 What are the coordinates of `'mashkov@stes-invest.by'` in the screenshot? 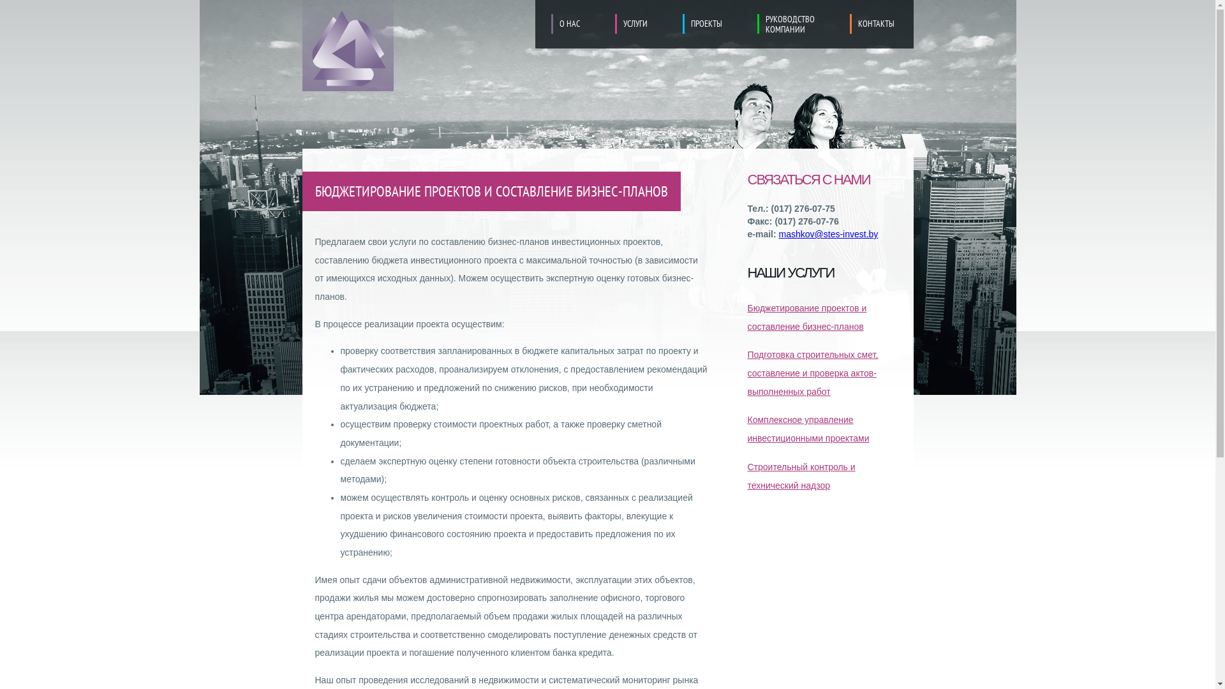 It's located at (829, 233).